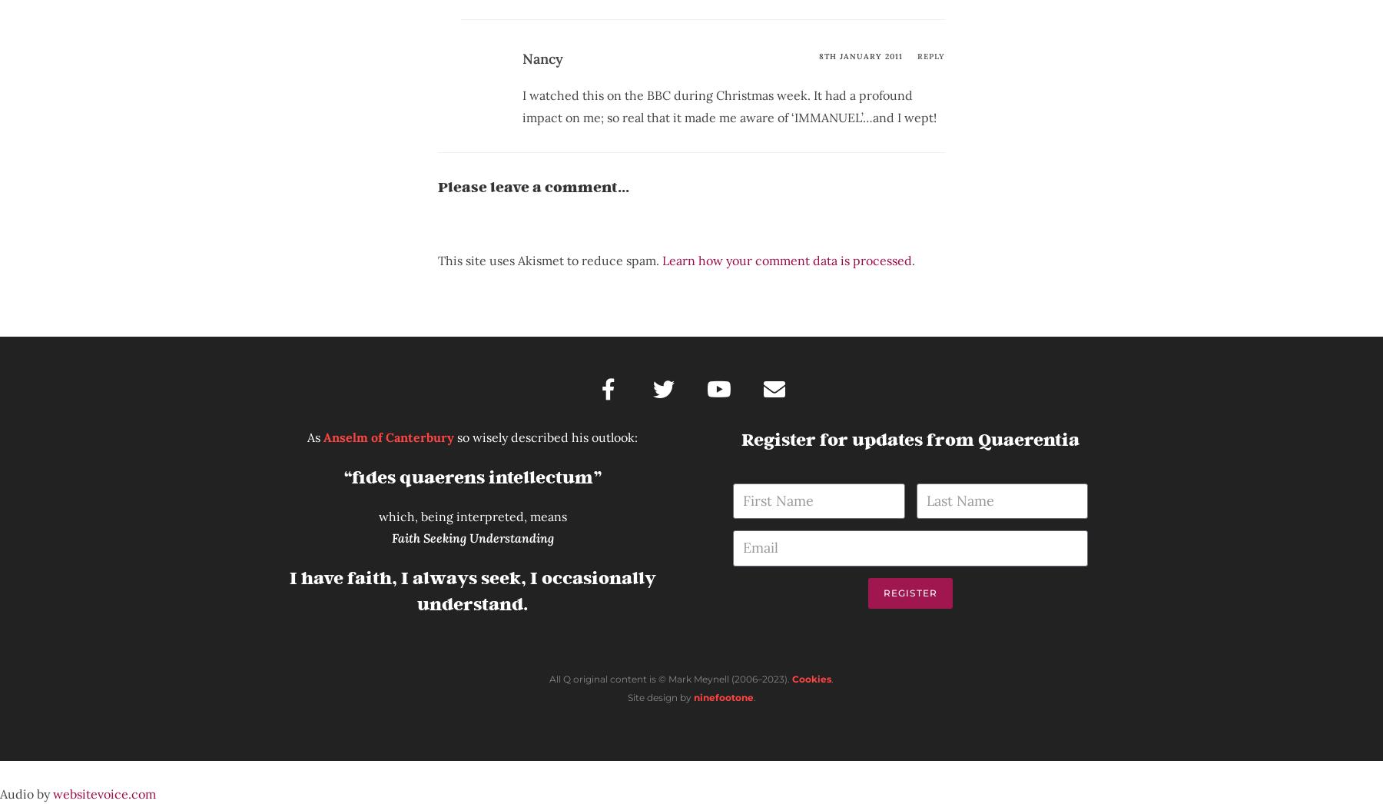 The width and height of the screenshot is (1383, 804). What do you see at coordinates (472, 477) in the screenshot?
I see `'“fides quaerens intellectum”'` at bounding box center [472, 477].